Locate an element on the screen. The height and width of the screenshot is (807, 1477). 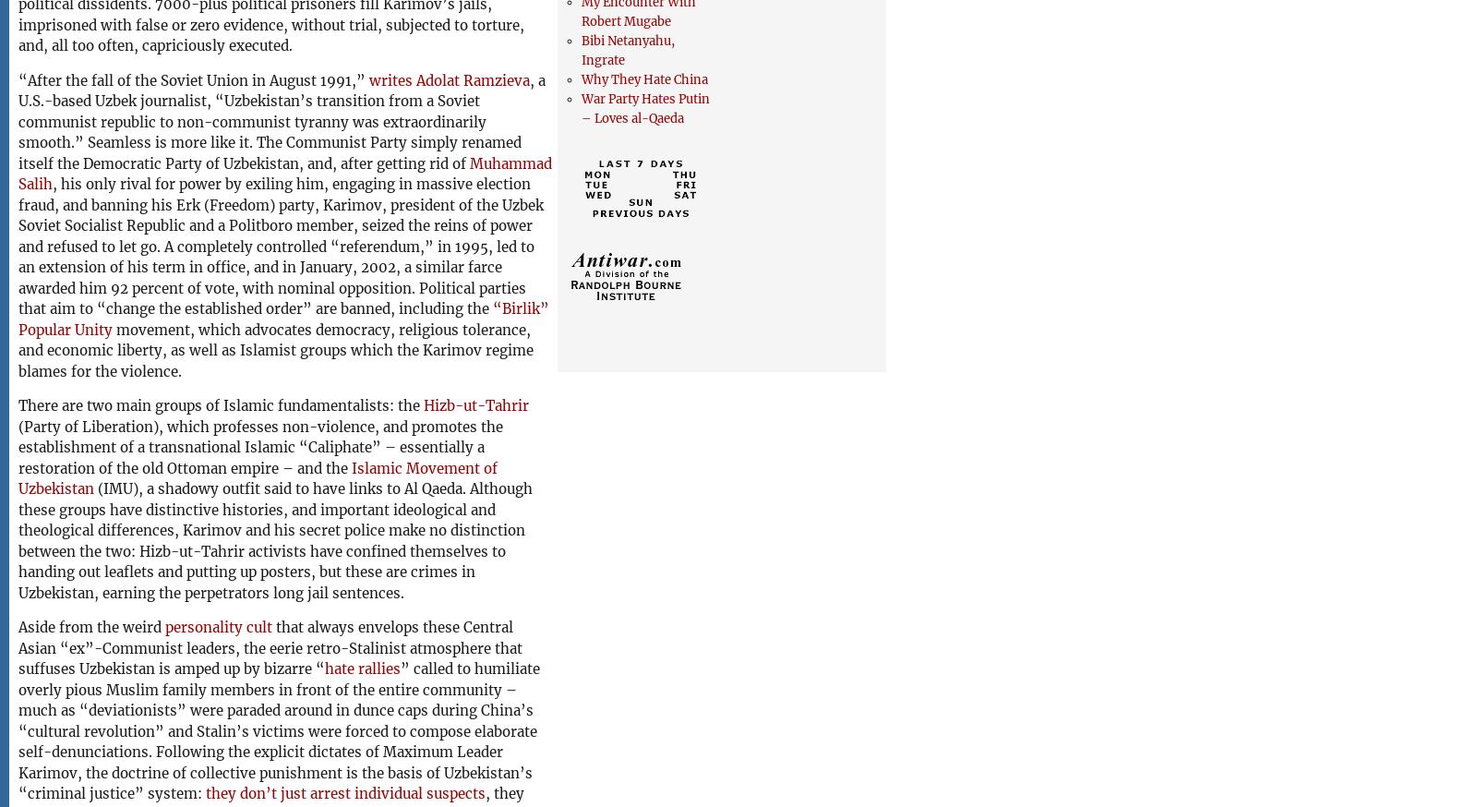
'(IMU), a shadowy outfit said to have links to Al Qaeda. Although these groups have distinctive histories, and important ideological and theological differences, Karimov and his secret police make no distinction between the two: Hizb-ut-Tahrir activists have confined themselves to handing out leaflets and putting up posters, but these are crimes in Uzbekistan, earning the perpetrators long jail sentences.' is located at coordinates (275, 539).